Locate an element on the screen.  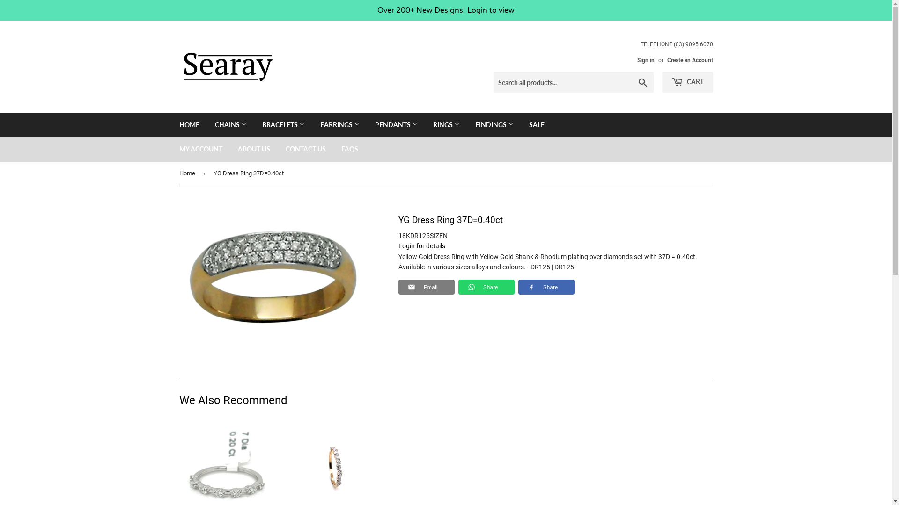
'Over 200+ New Designs! Login to view' is located at coordinates (445, 10).